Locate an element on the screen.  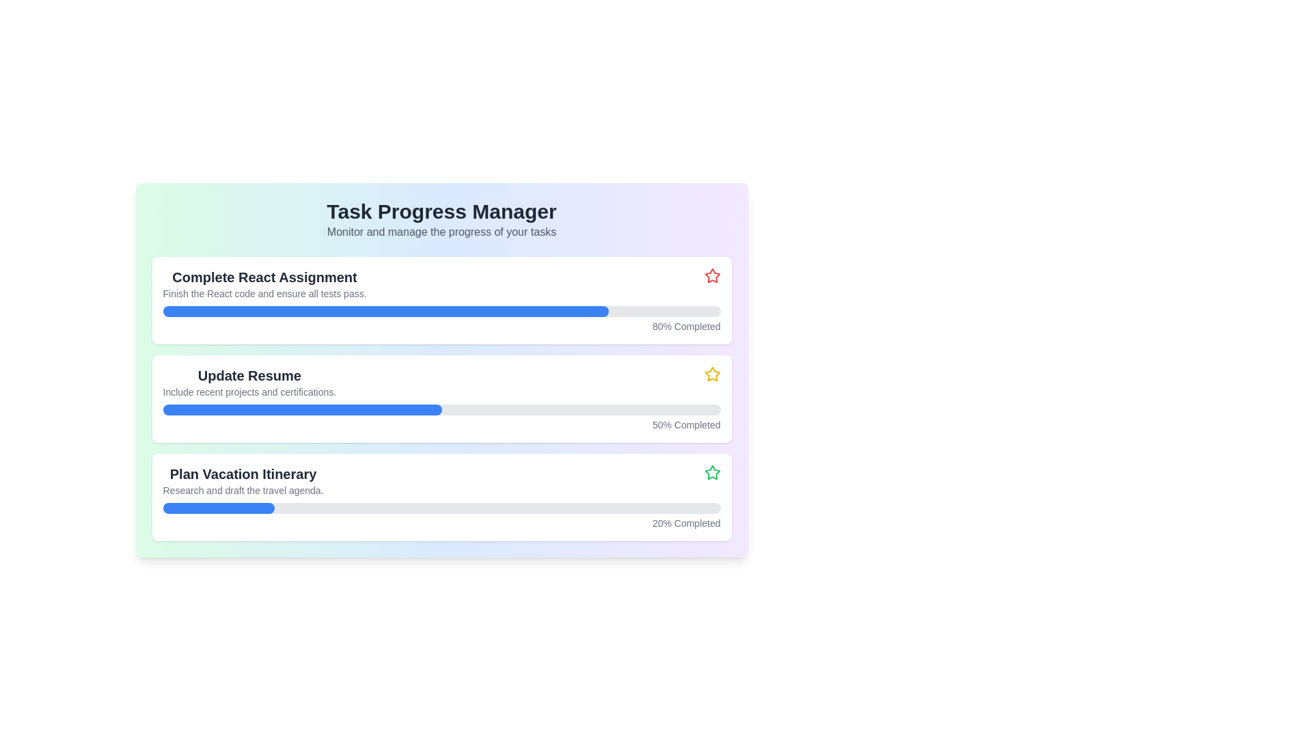
the static text element that displays 'Monitor and manage the progress of your tasks', located immediately below the 'Task Progress Manager' heading is located at coordinates (441, 231).